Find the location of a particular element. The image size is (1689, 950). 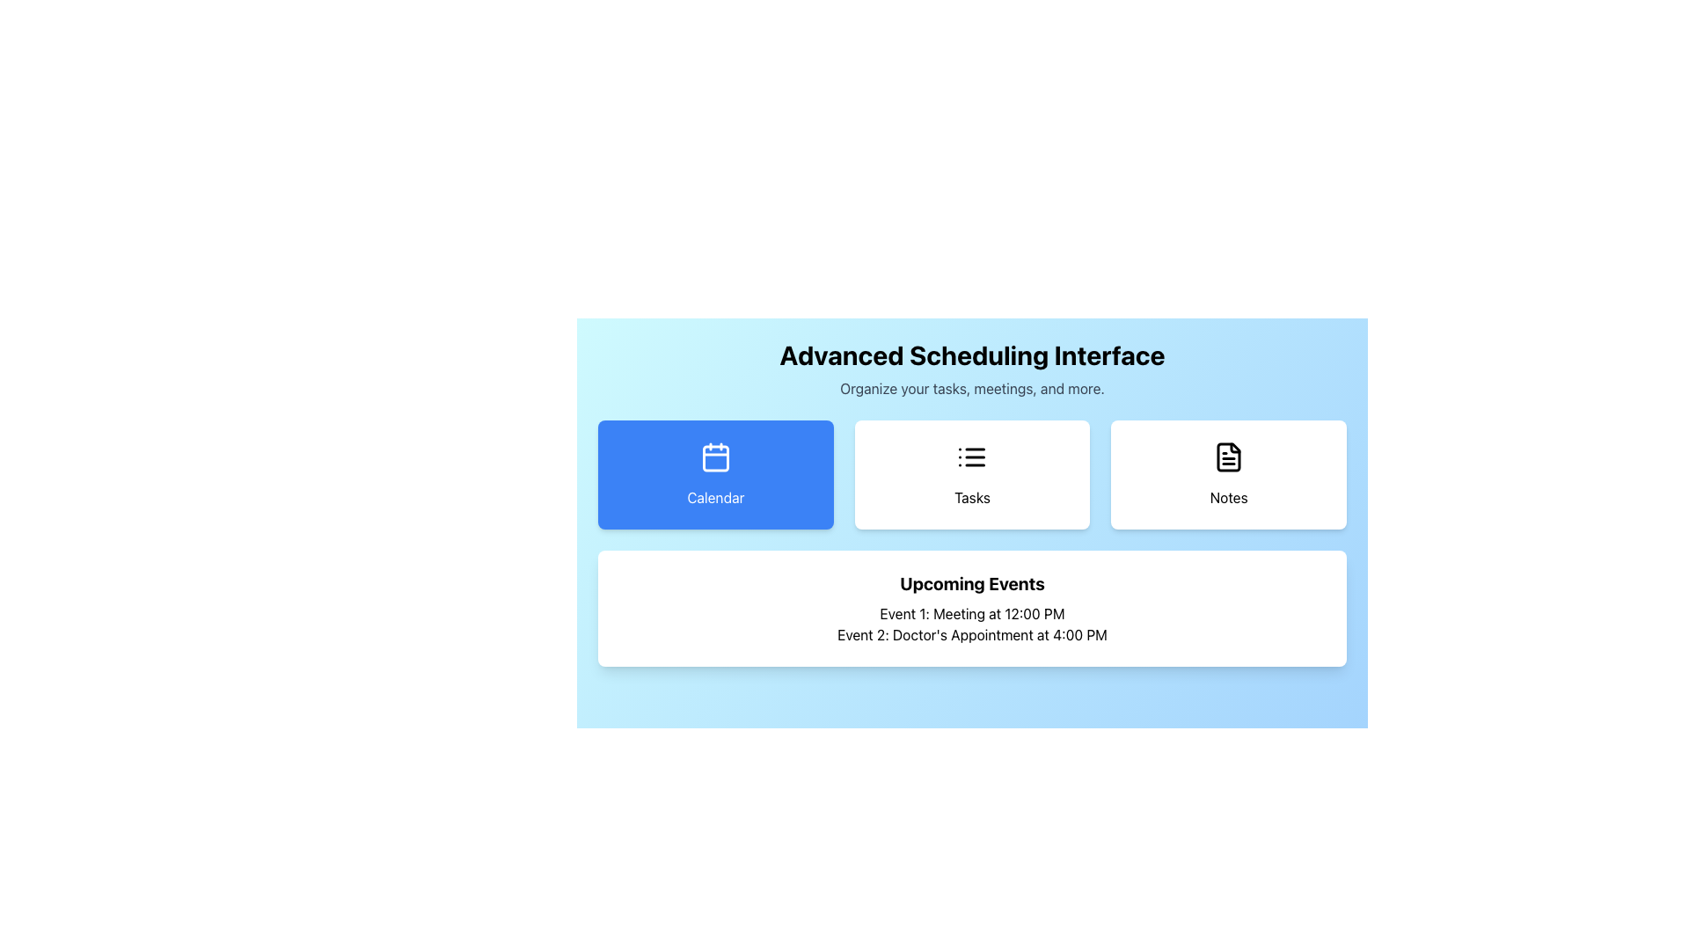

the text label within the blue card that indicates functionality related is located at coordinates (715, 498).